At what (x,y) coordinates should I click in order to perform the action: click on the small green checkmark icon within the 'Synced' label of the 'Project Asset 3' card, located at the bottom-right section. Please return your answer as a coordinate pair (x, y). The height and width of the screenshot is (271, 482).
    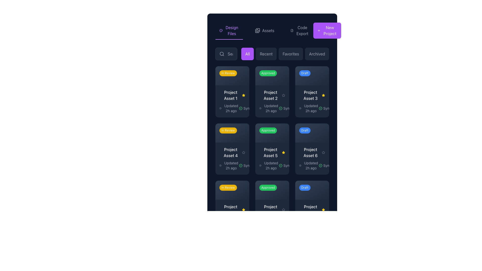
    Looking at the image, I should click on (320, 108).